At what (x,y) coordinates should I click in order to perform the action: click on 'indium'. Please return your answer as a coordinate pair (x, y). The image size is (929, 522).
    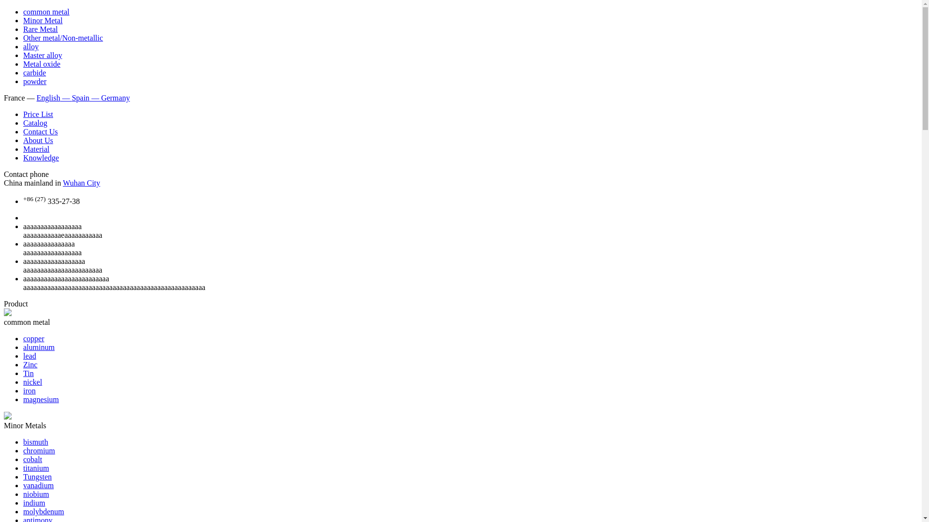
    Looking at the image, I should click on (34, 502).